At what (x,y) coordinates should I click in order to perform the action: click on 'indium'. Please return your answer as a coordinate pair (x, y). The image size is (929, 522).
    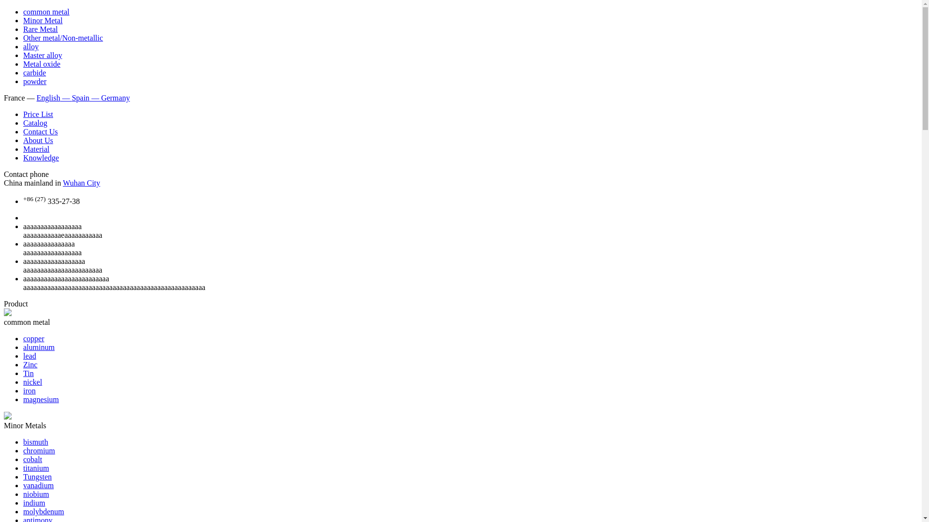
    Looking at the image, I should click on (34, 502).